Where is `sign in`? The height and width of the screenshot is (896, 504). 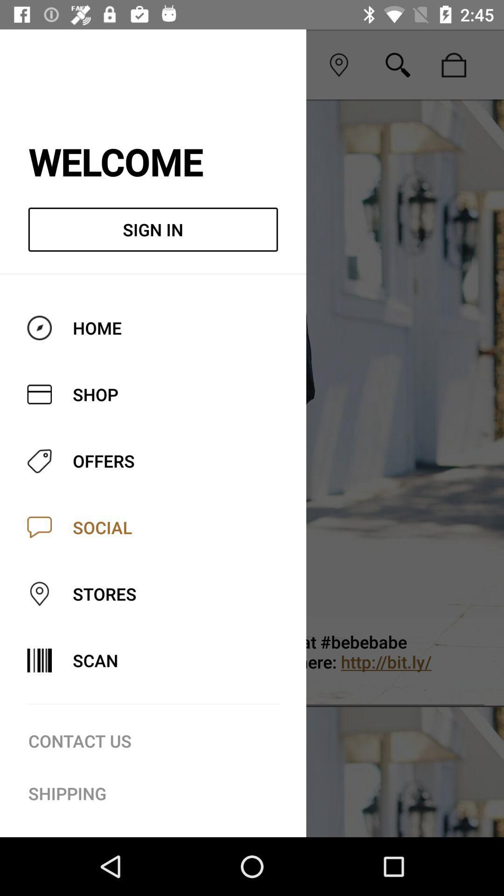 sign in is located at coordinates (153, 230).